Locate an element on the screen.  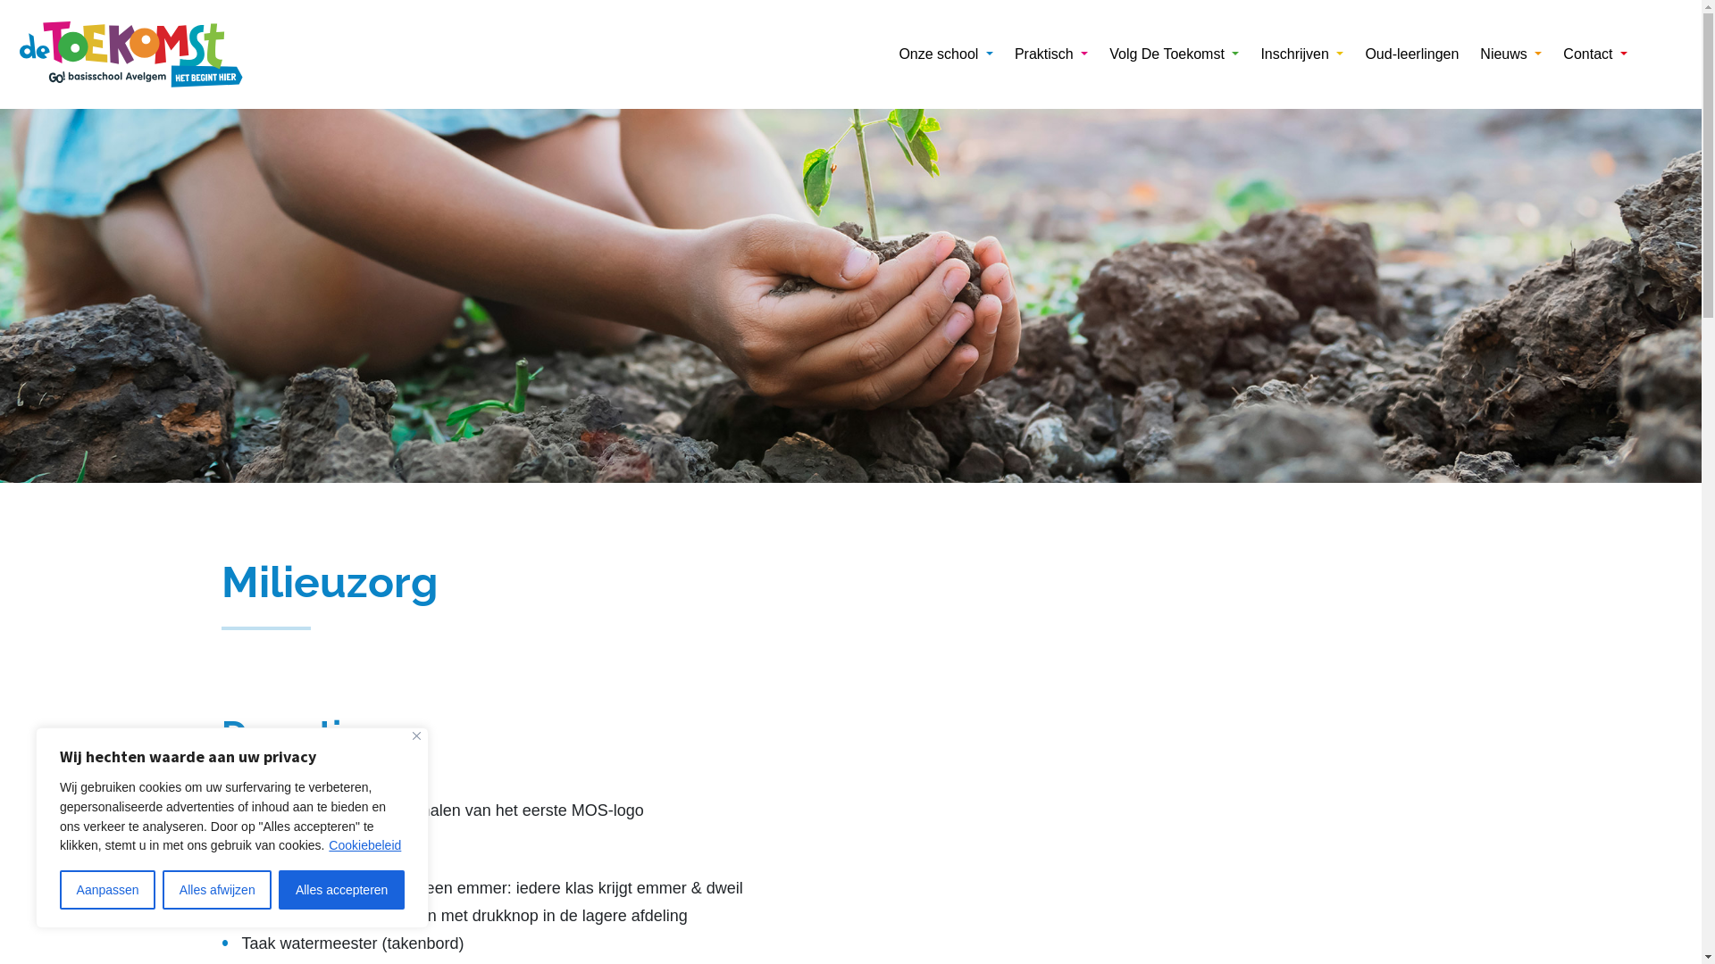
'Praktisch' is located at coordinates (1050, 54).